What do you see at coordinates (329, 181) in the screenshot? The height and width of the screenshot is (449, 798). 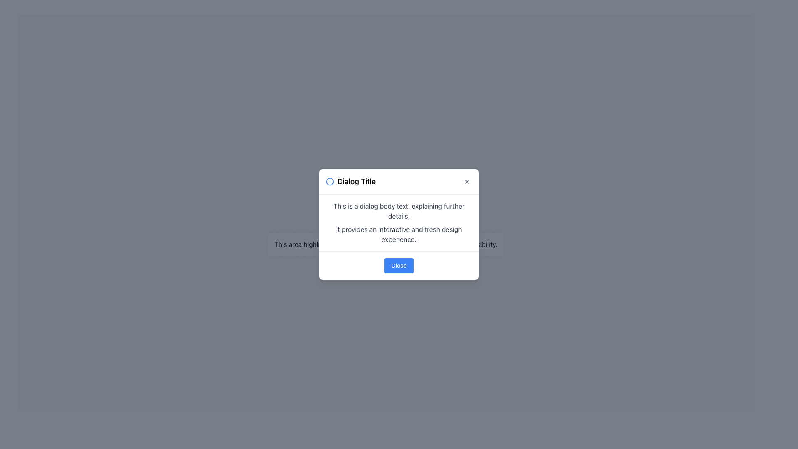 I see `the information indicator icon located at the left-most side of the header section, preceding the text 'Dialog Title'` at bounding box center [329, 181].